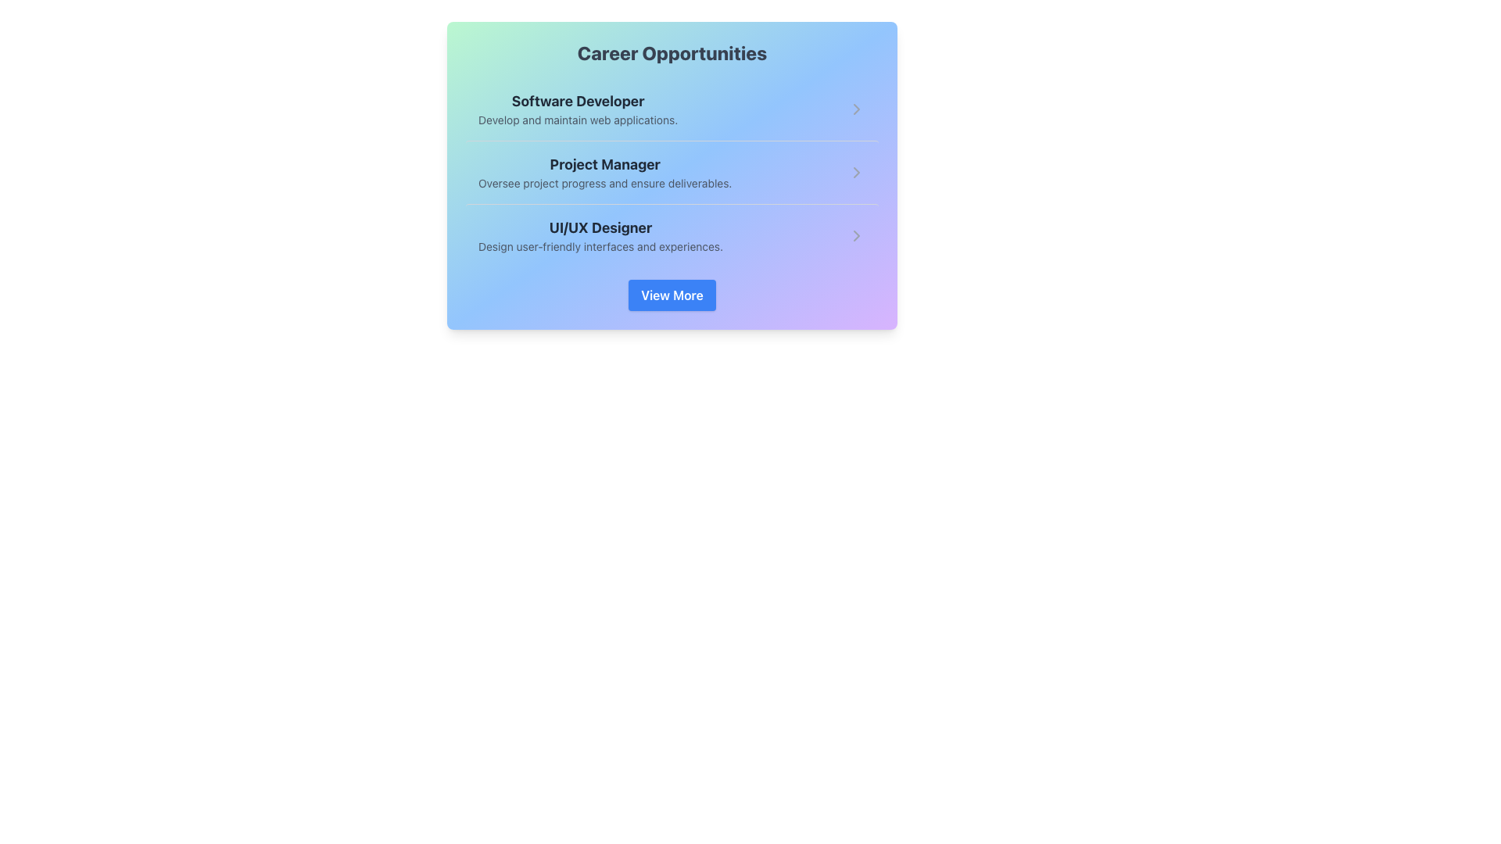 This screenshot has height=844, width=1501. What do you see at coordinates (672, 172) in the screenshot?
I see `the second item in the career opportunities list, which is the 'Project Manager' entry` at bounding box center [672, 172].